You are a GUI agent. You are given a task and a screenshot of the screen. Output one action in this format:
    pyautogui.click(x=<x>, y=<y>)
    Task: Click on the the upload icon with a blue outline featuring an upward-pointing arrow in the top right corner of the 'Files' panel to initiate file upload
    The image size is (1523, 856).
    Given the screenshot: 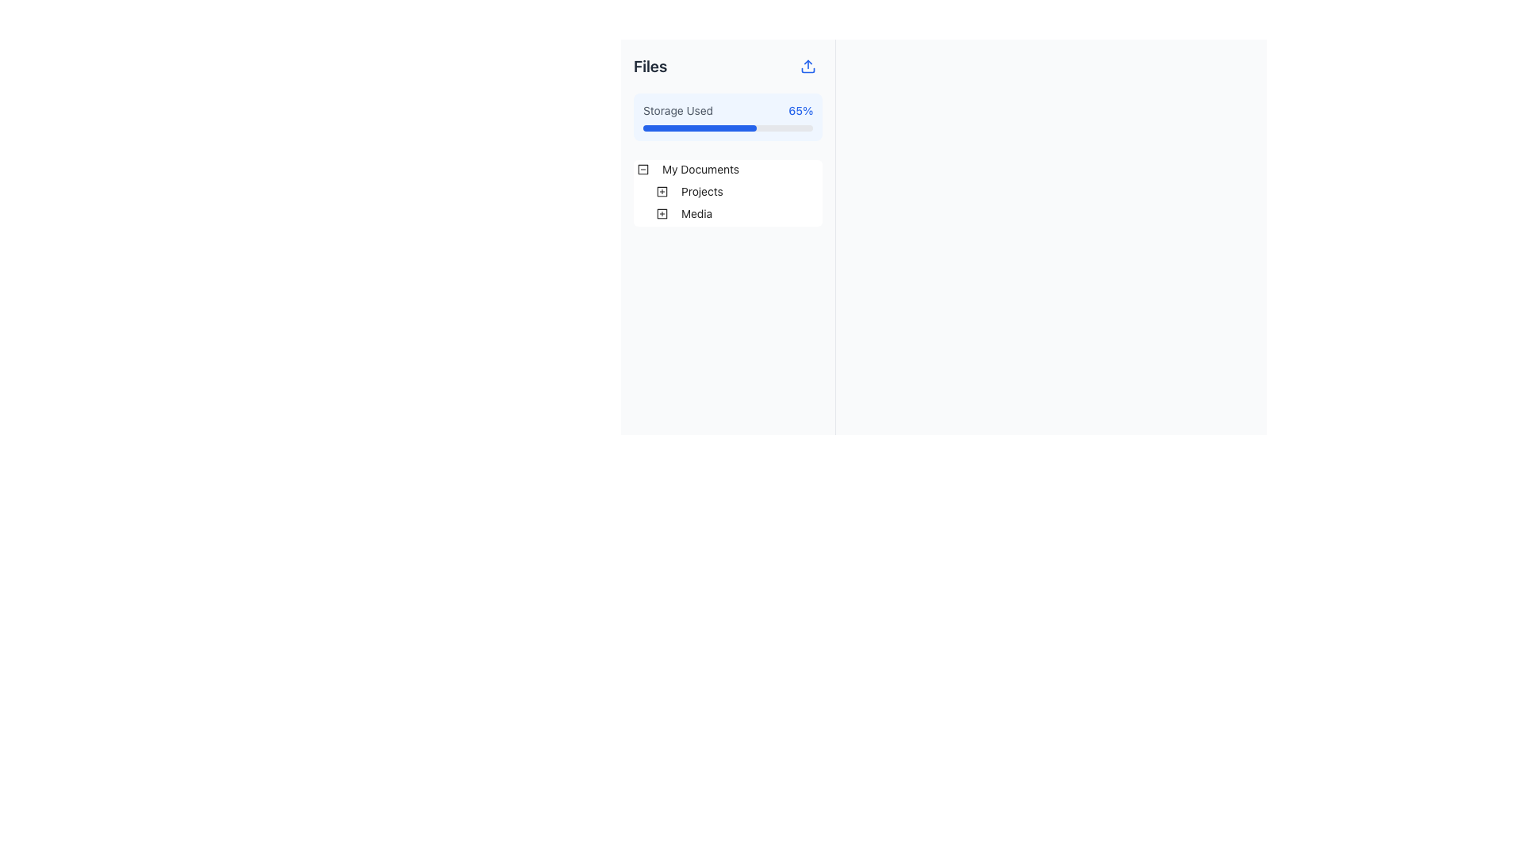 What is the action you would take?
    pyautogui.click(x=808, y=66)
    